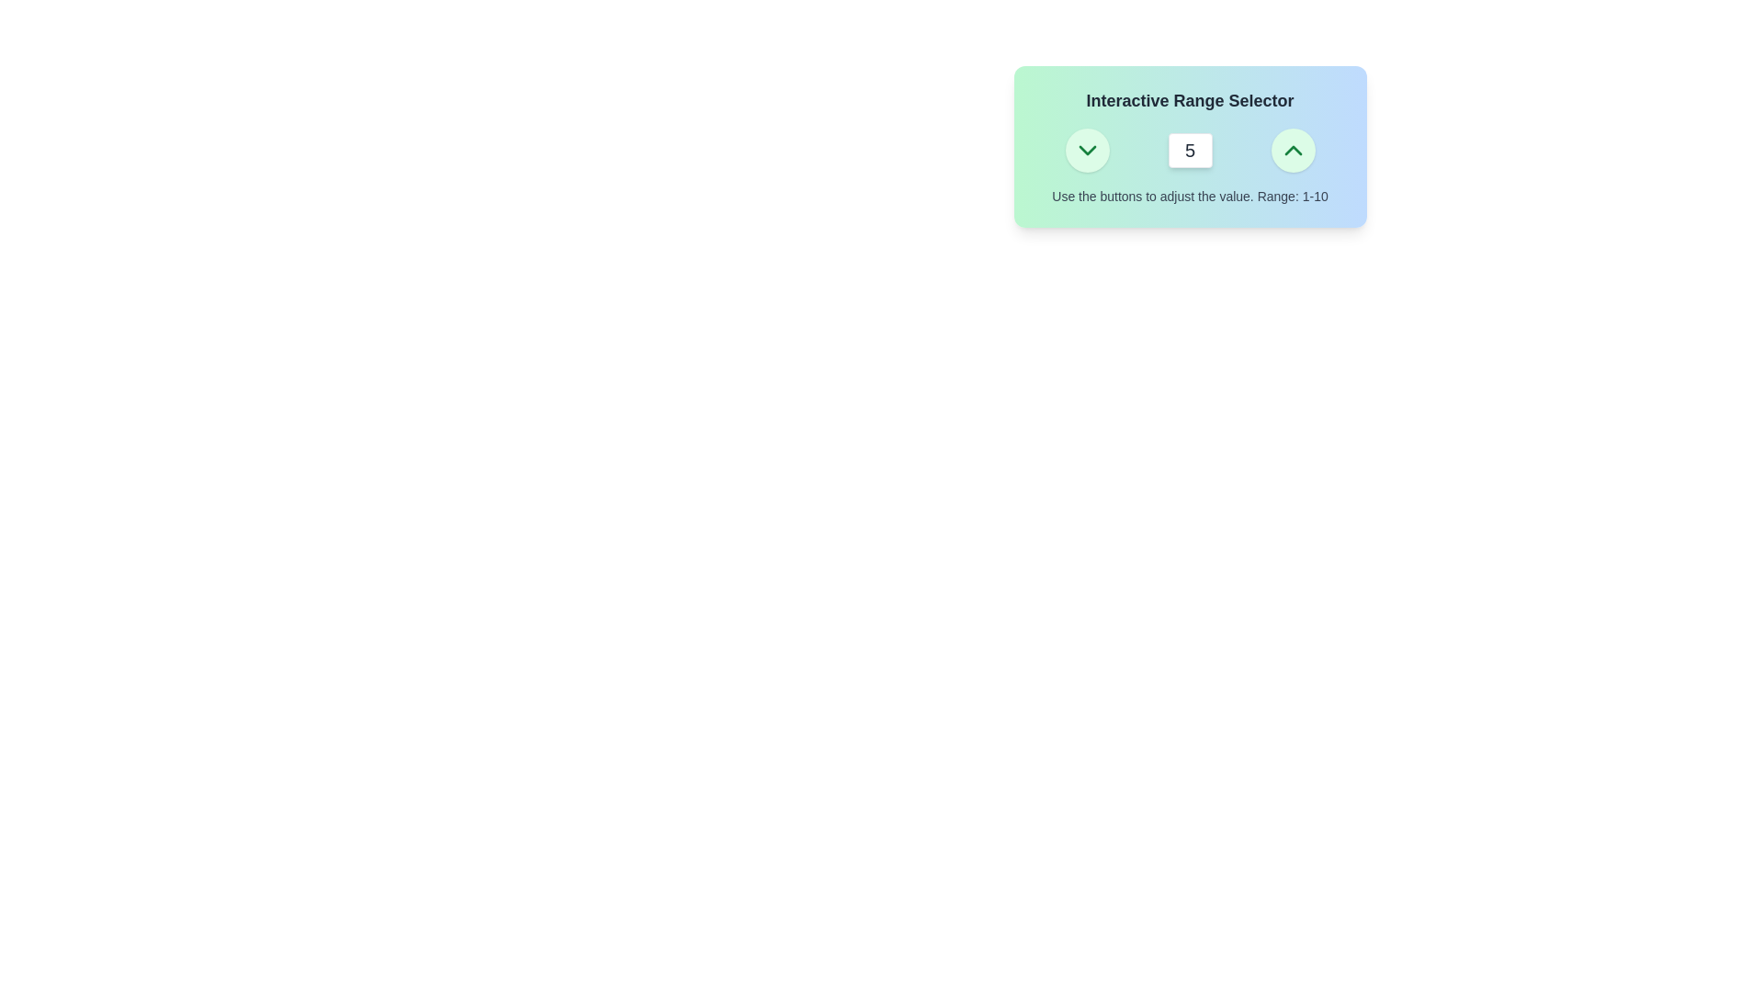 The image size is (1764, 992). I want to click on the upward arrow icon button located in the control box labeled 'Interactive Range Selector', so click(1292, 150).